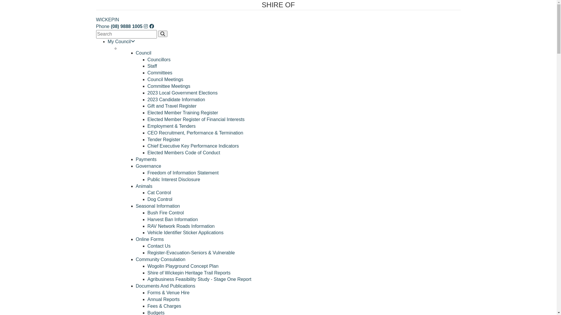 The width and height of the screenshot is (561, 315). Describe the element at coordinates (173, 179) in the screenshot. I see `'Public Interest Disclosure'` at that location.